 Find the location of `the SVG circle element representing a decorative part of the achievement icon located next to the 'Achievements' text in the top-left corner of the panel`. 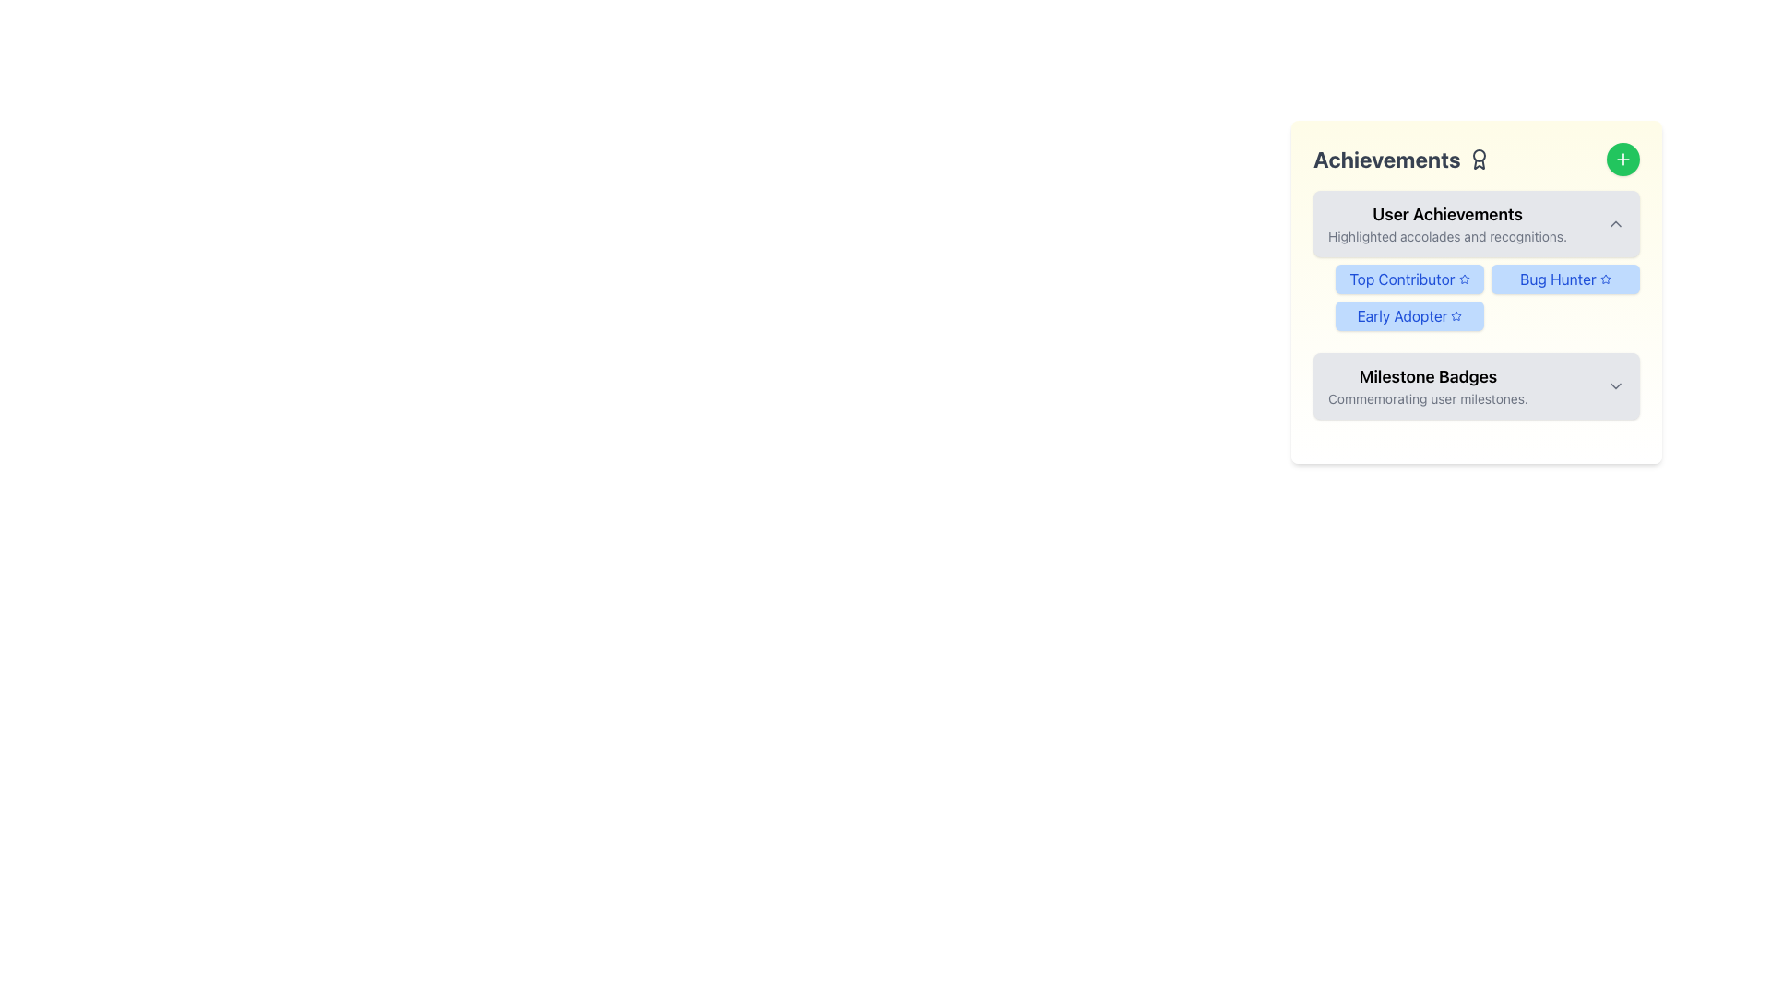

the SVG circle element representing a decorative part of the achievement icon located next to the 'Achievements' text in the top-left corner of the panel is located at coordinates (1479, 155).